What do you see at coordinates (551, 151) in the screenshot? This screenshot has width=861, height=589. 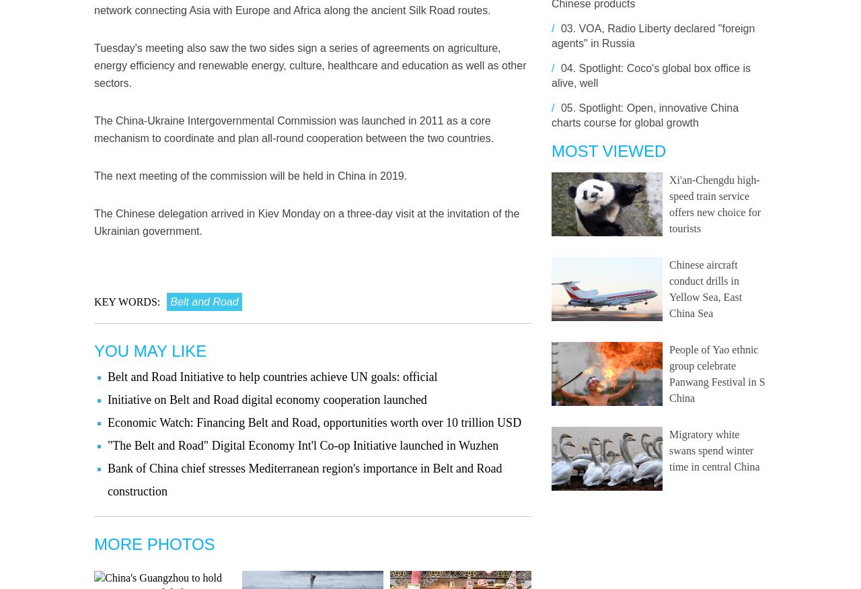 I see `'MOST VIEWED'` at bounding box center [551, 151].